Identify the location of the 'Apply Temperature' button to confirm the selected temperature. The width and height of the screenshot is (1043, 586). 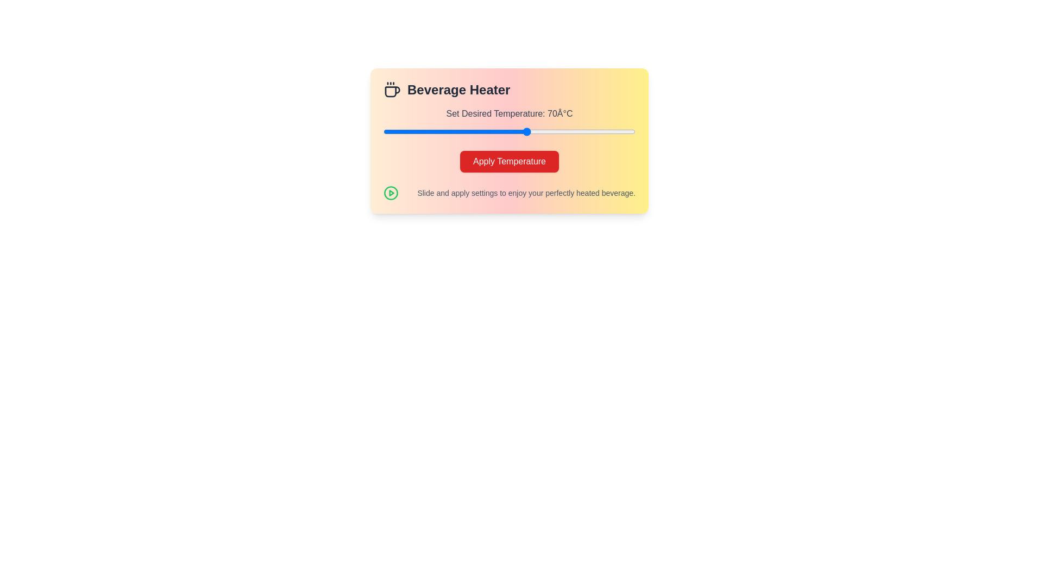
(508, 161).